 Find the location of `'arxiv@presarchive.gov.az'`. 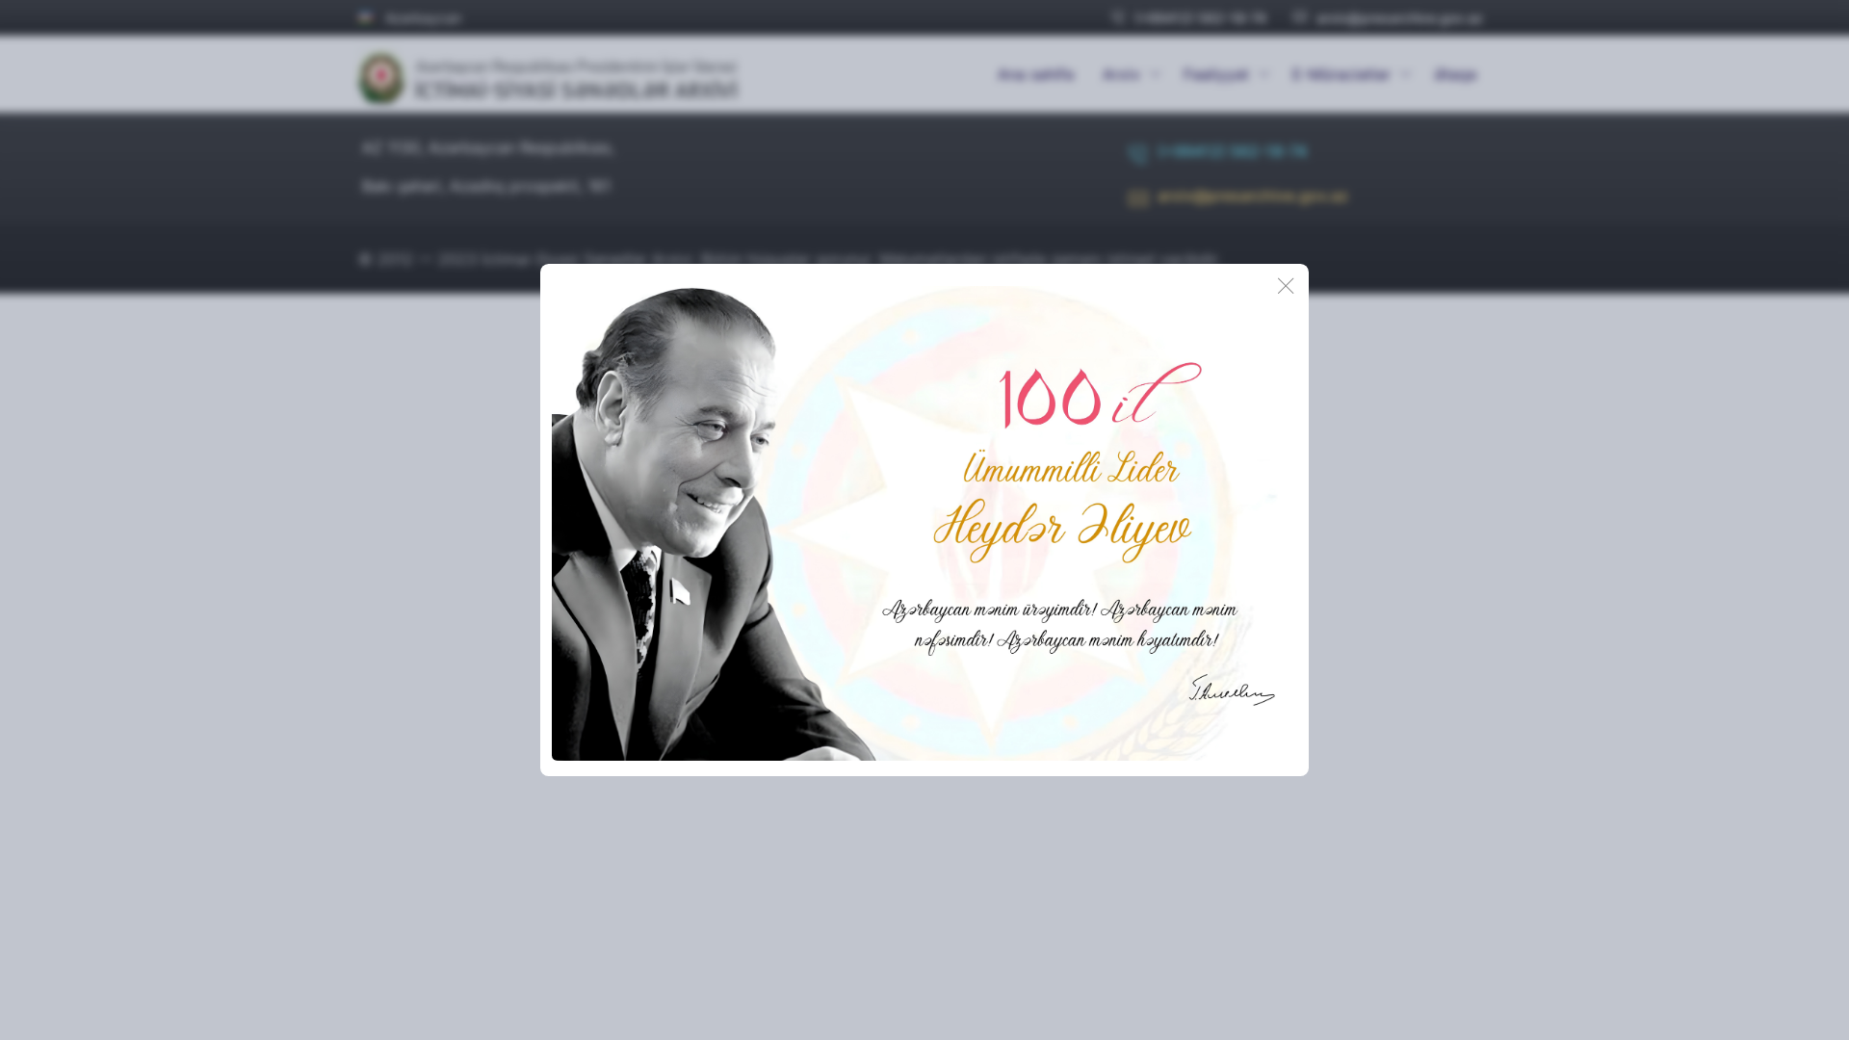

'arxiv@presarchive.gov.az' is located at coordinates (1238, 201).